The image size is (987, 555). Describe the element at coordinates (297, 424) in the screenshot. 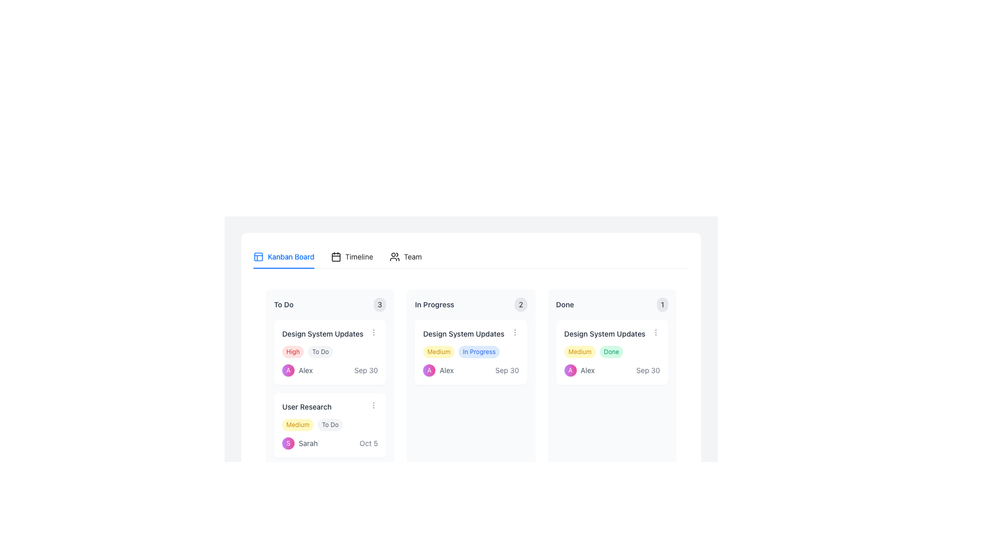

I see `the 'Medium' badge, which is a pill-shaped badge with a yellow background and bold yellow text` at that location.